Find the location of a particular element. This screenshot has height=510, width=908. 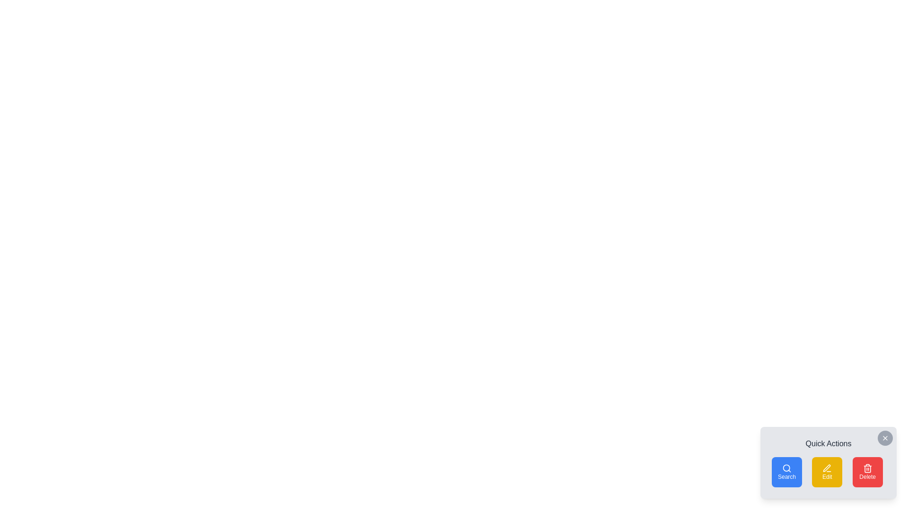

the editing action icon located centrally within the yellow square button in the 'Quick Actions' section at the bottom-right corner of the interface is located at coordinates (827, 468).